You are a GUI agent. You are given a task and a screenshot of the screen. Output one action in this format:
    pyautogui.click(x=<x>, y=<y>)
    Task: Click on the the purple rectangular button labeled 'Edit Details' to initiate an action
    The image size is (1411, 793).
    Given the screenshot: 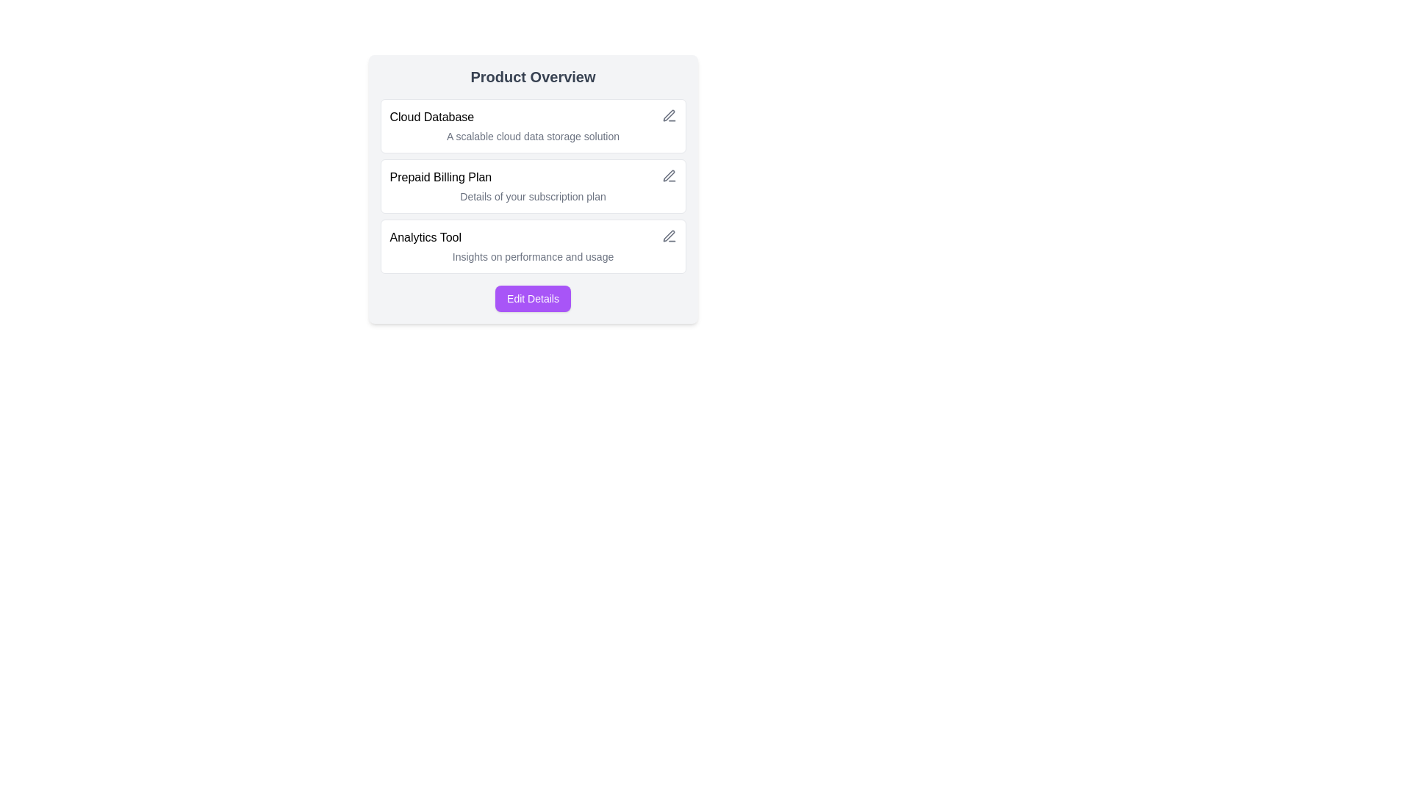 What is the action you would take?
    pyautogui.click(x=532, y=298)
    